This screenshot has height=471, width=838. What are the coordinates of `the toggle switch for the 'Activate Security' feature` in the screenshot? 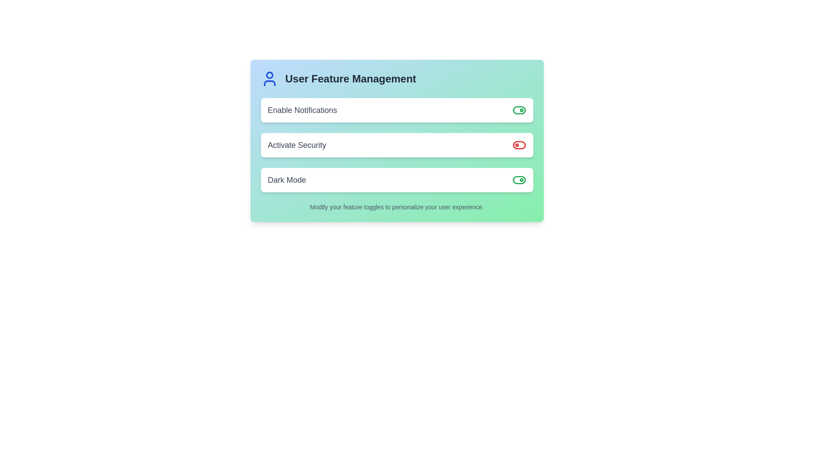 It's located at (519, 144).